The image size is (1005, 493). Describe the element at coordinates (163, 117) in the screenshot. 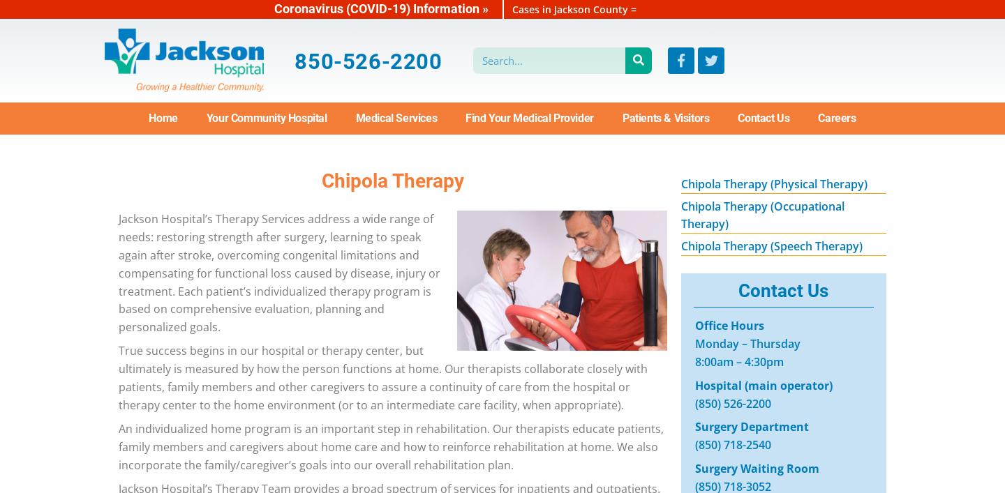

I see `'Home'` at that location.